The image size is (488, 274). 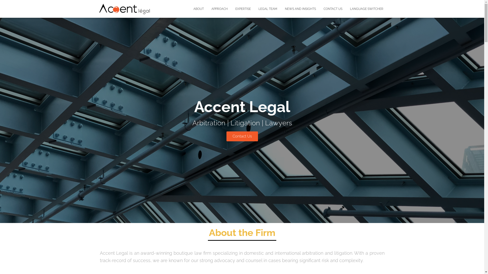 I want to click on 'LEGAL TEAM', so click(x=268, y=9).